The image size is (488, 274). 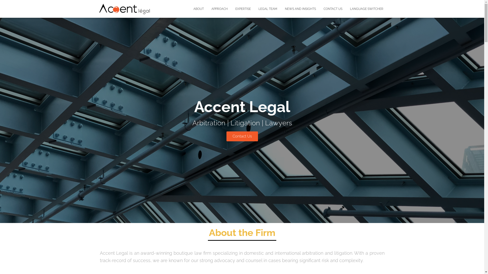 I want to click on 'LEGAL TEAM', so click(x=268, y=9).